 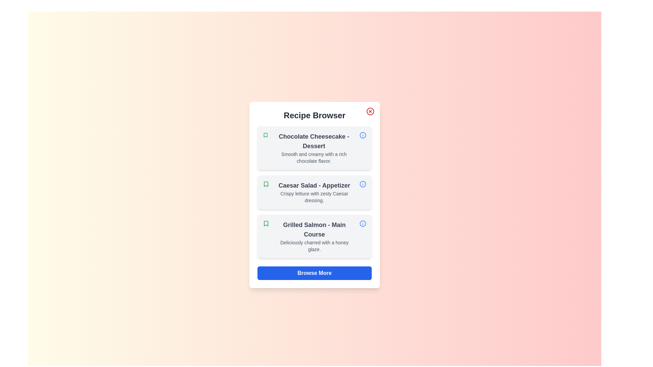 What do you see at coordinates (314, 273) in the screenshot?
I see `'Browse More' button to browse more recipes` at bounding box center [314, 273].